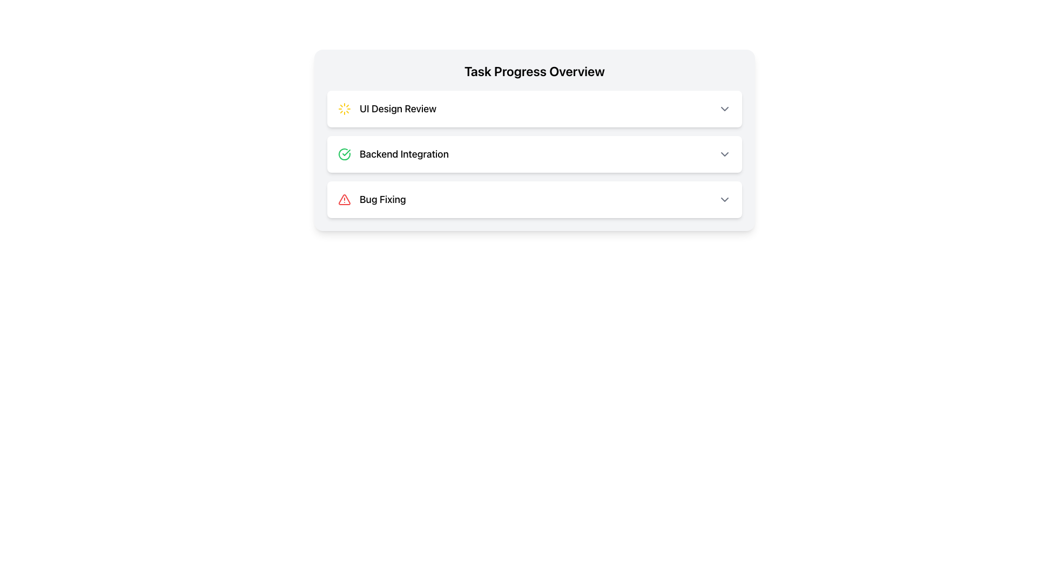 The width and height of the screenshot is (1037, 583). Describe the element at coordinates (403, 154) in the screenshot. I see `the text label 'Backend Integration', which is the second item in a vertical list, positioned between 'UI Design Review' and 'Bug Fixing'` at that location.